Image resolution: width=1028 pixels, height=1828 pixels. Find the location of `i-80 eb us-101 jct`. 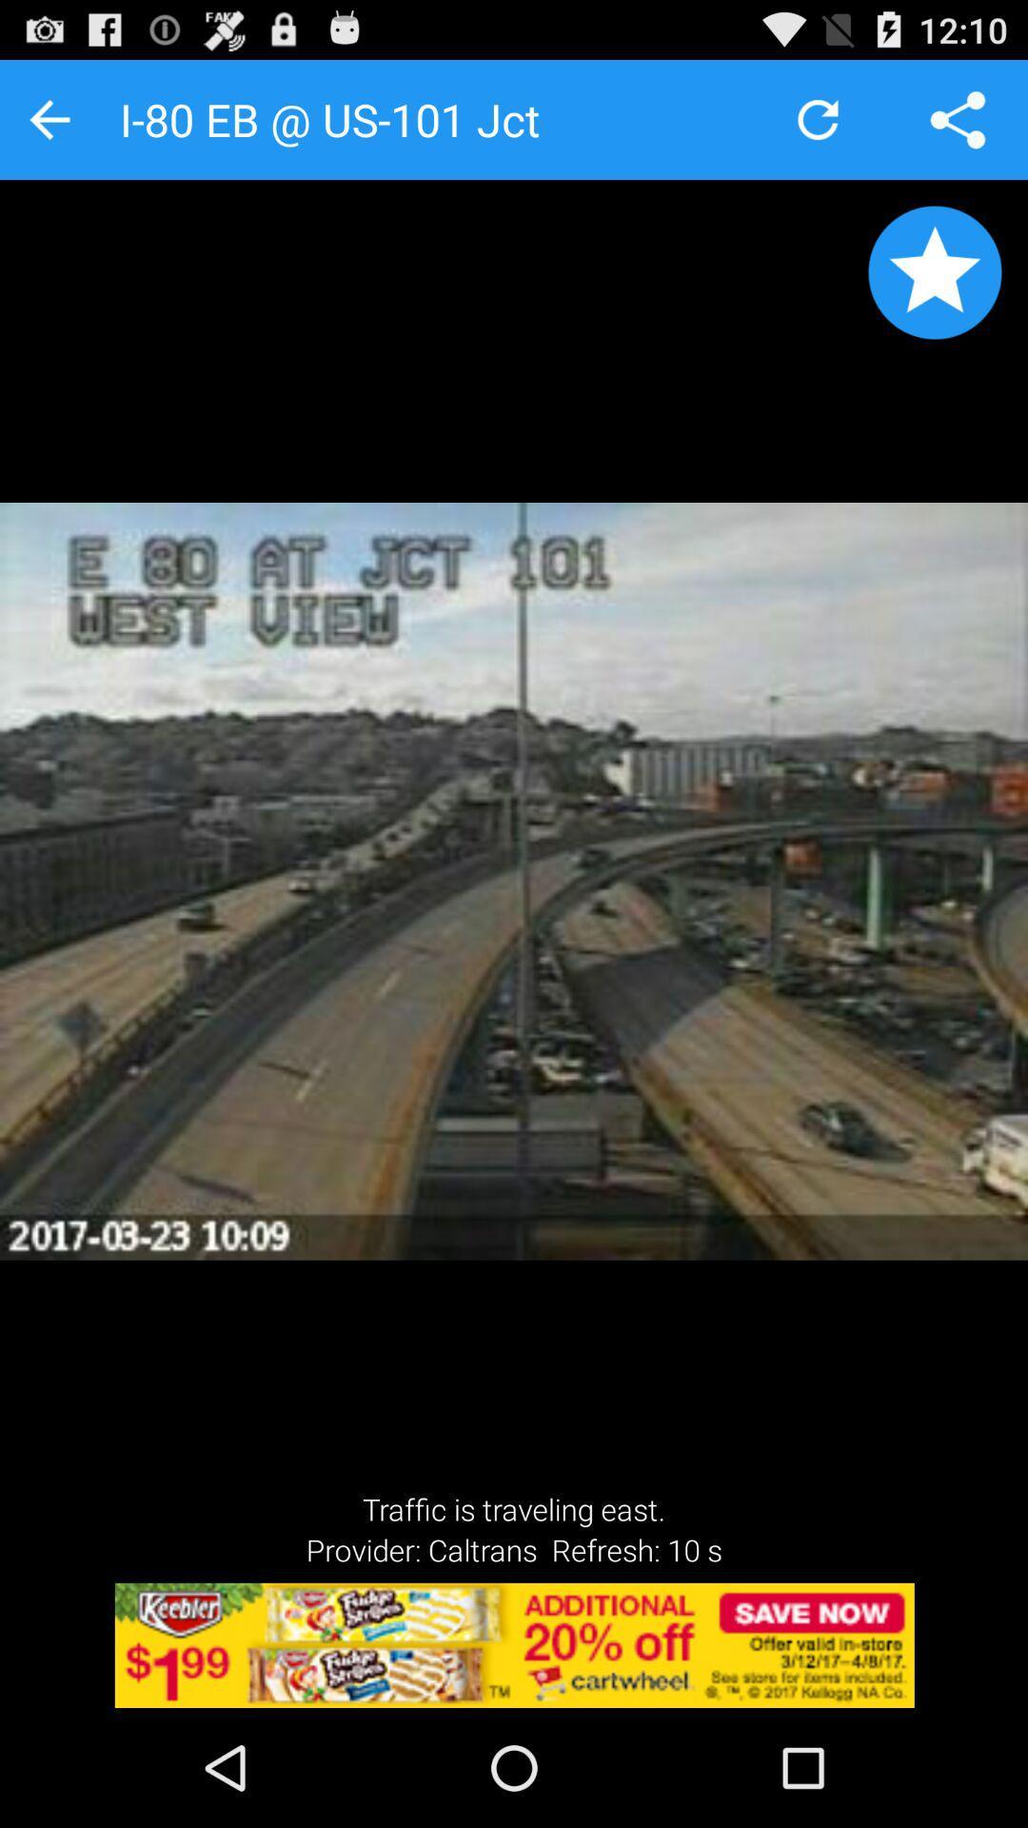

i-80 eb us-101 jct is located at coordinates (934, 271).